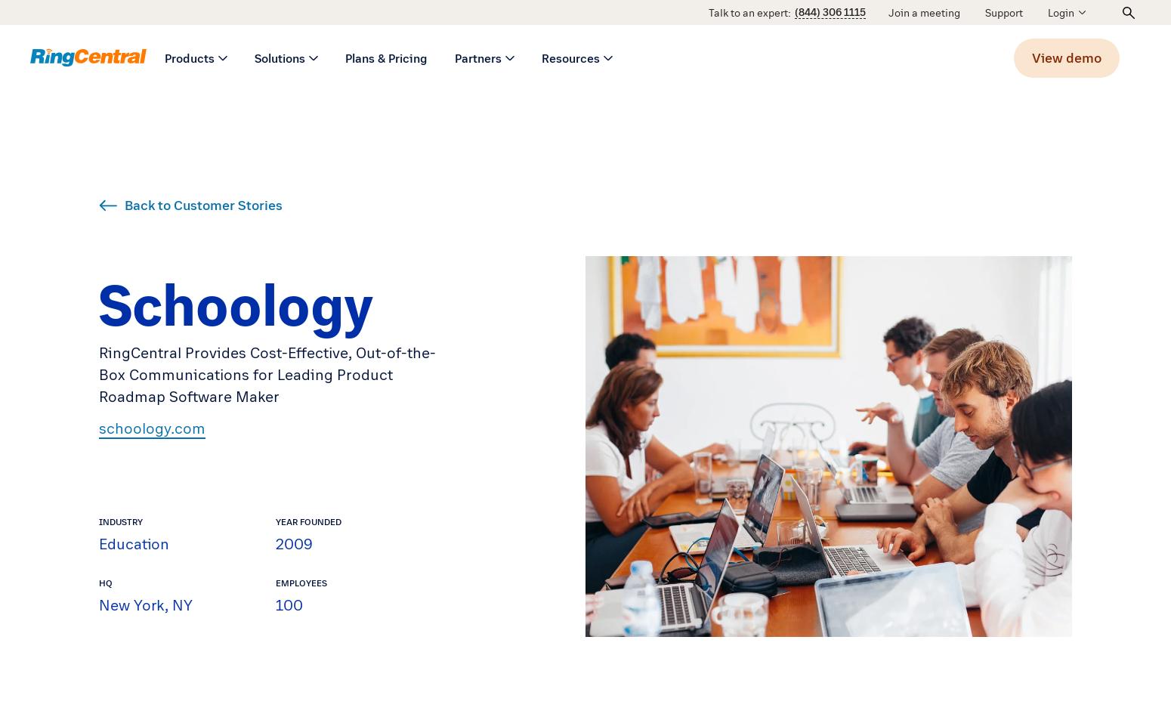 This screenshot has height=711, width=1171. What do you see at coordinates (119, 521) in the screenshot?
I see `'Industry'` at bounding box center [119, 521].